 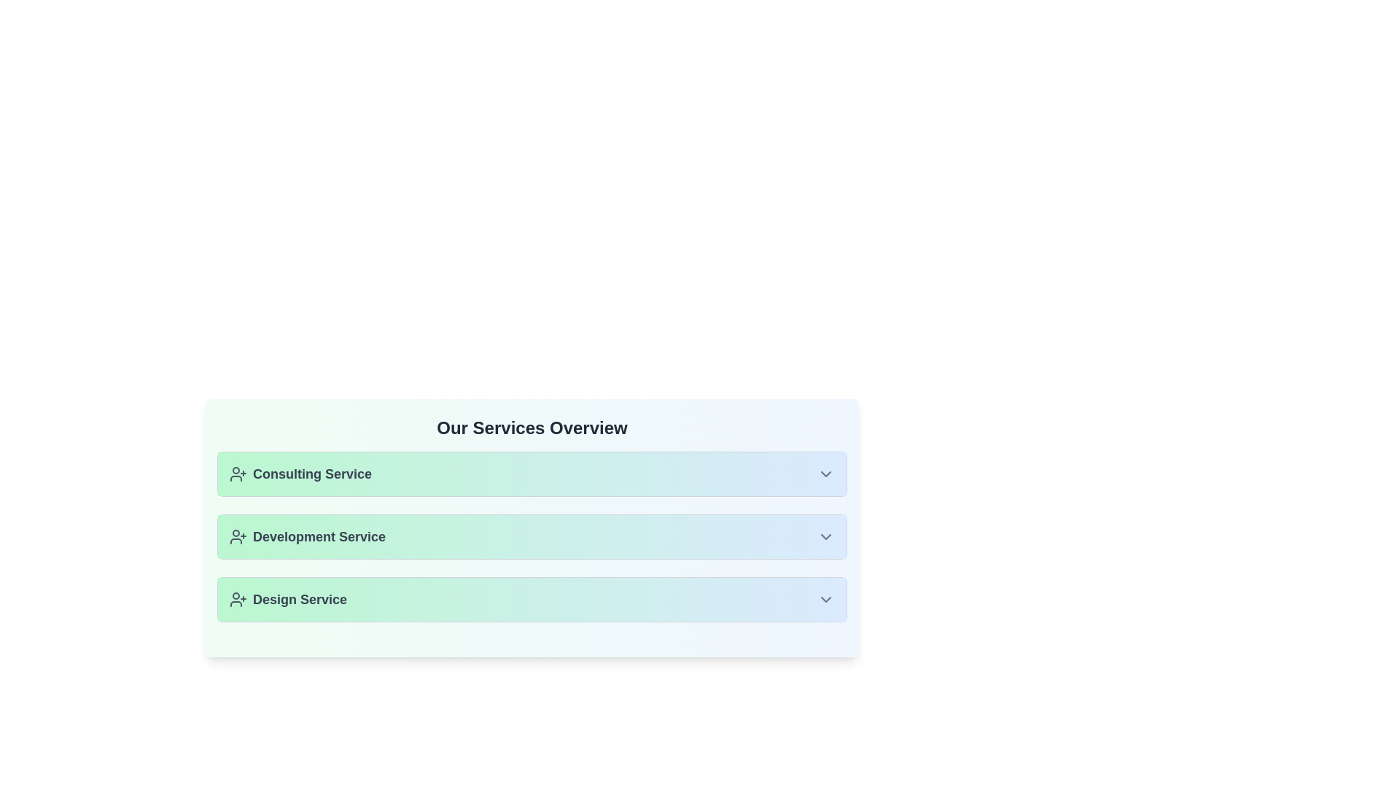 What do you see at coordinates (825, 537) in the screenshot?
I see `the downward-facing chevron icon, which serves as a dropdown indicator located in the bottom-right corner of the 'Development Service' bar` at bounding box center [825, 537].